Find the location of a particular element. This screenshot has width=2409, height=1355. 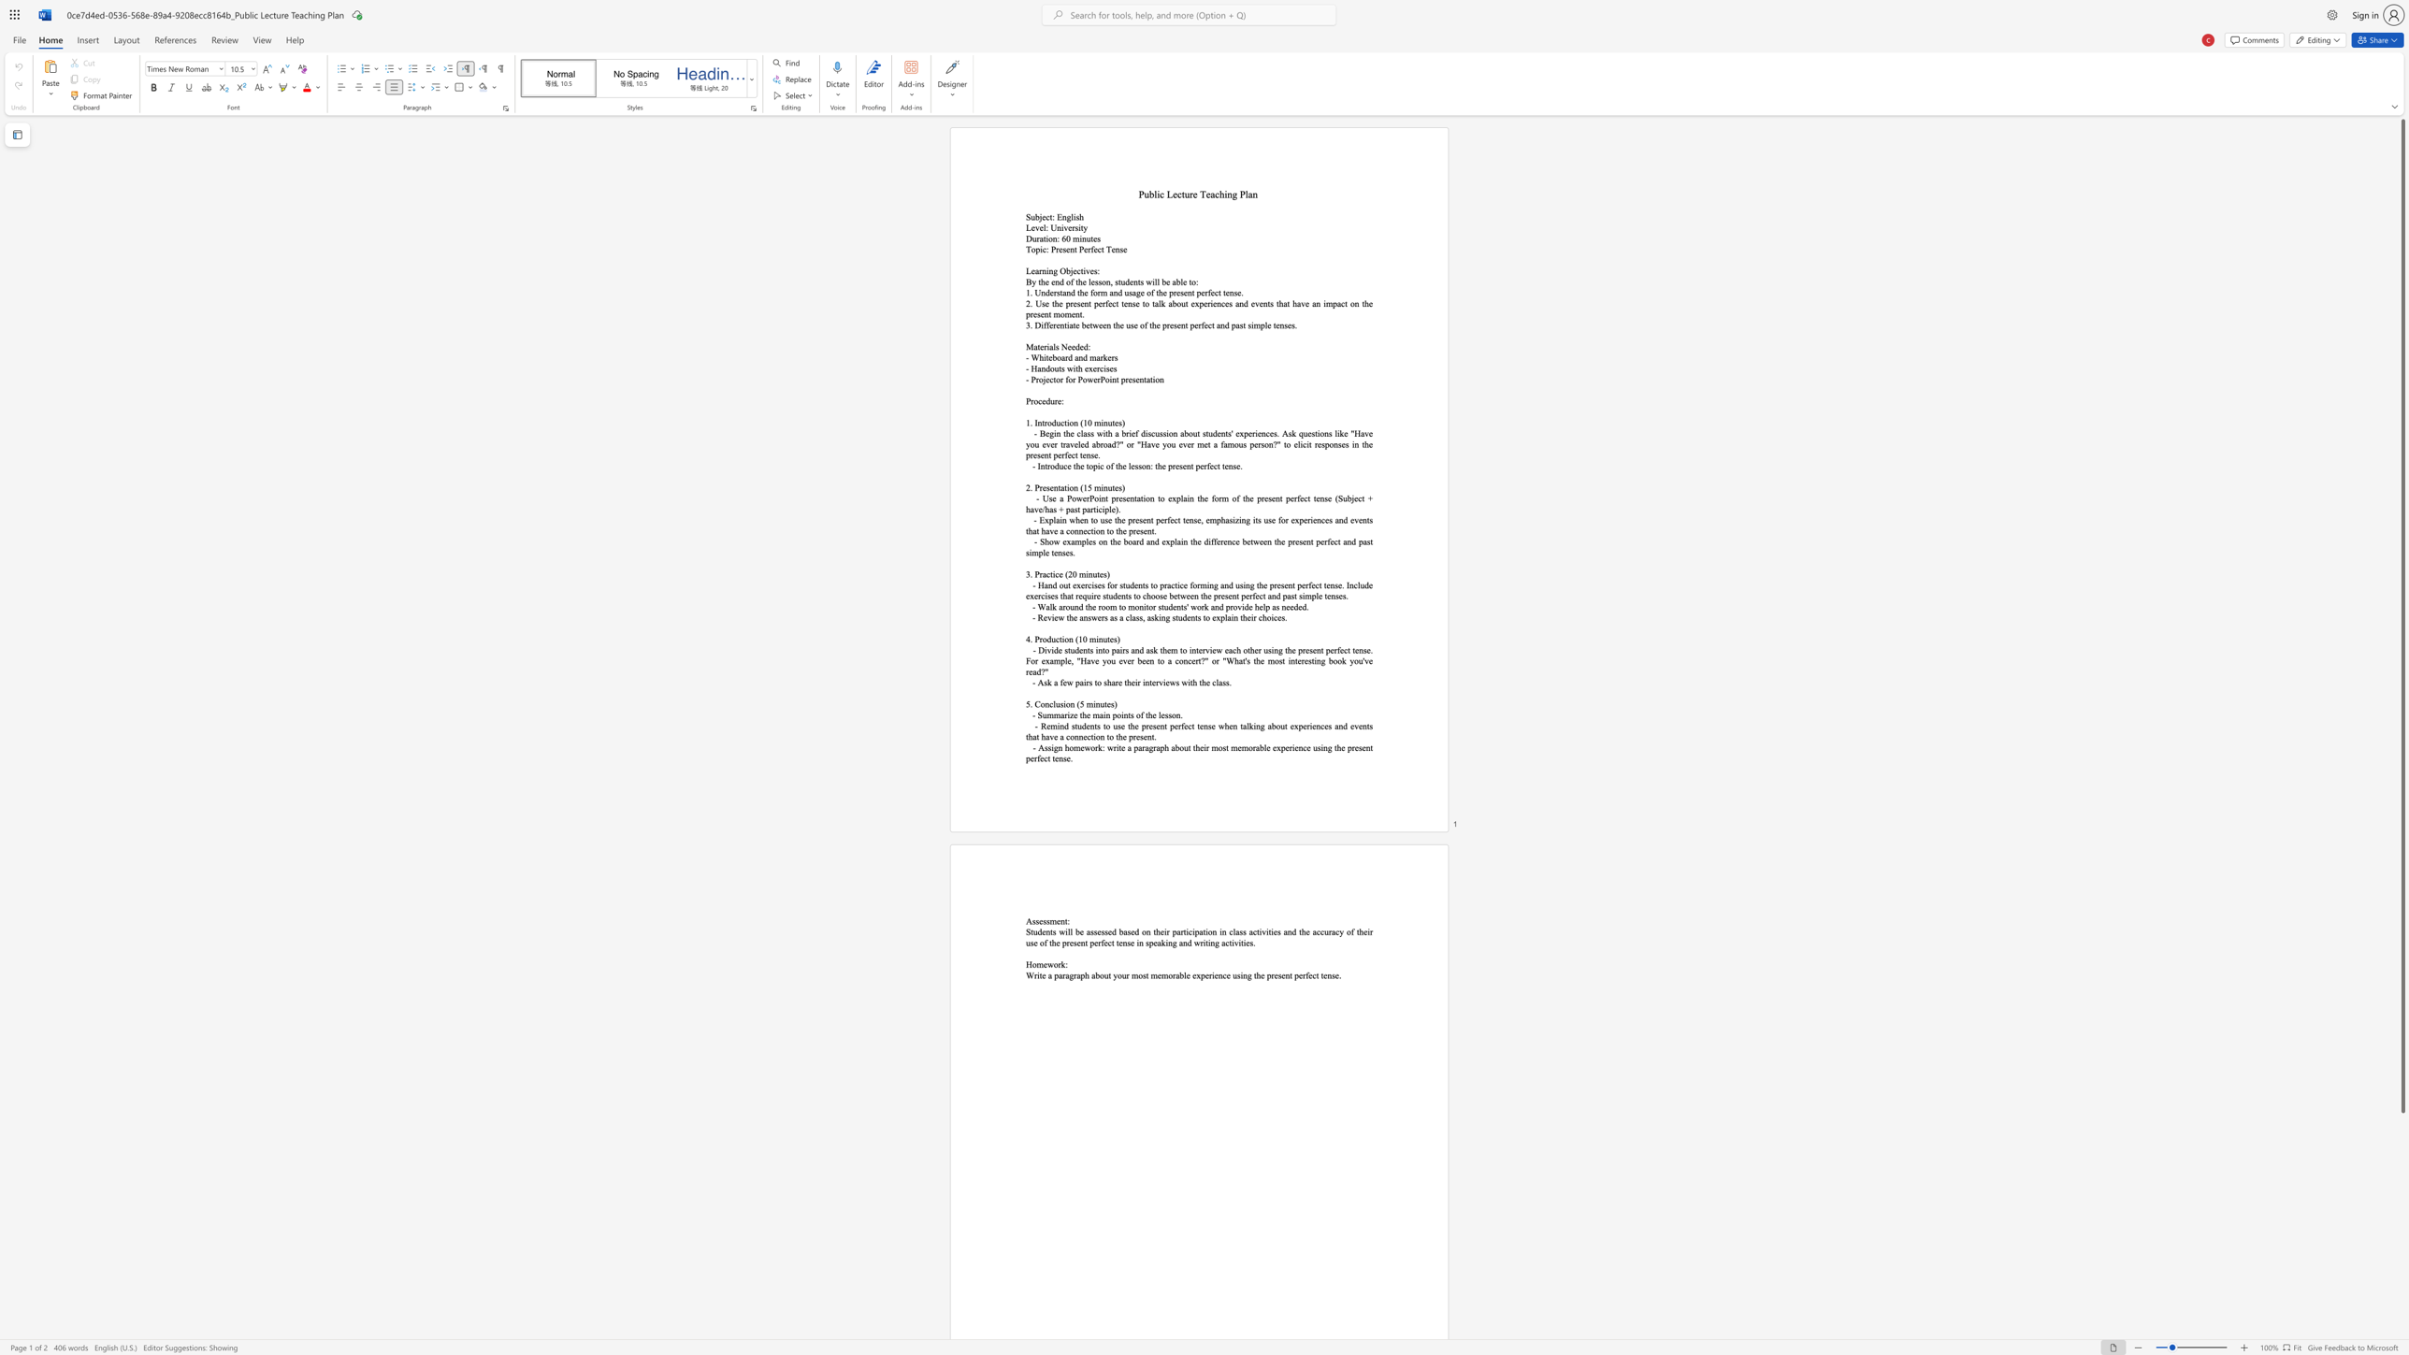

the 11th character "n" in the text is located at coordinates (1212, 943).